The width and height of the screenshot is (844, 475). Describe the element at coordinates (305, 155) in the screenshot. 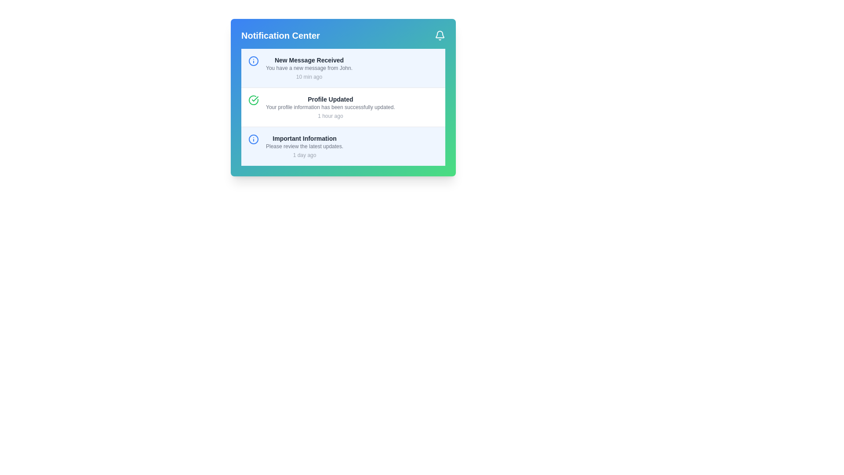

I see `the text label displaying '1 day ago' located at the bottom of the 'Important Information' notification box` at that location.